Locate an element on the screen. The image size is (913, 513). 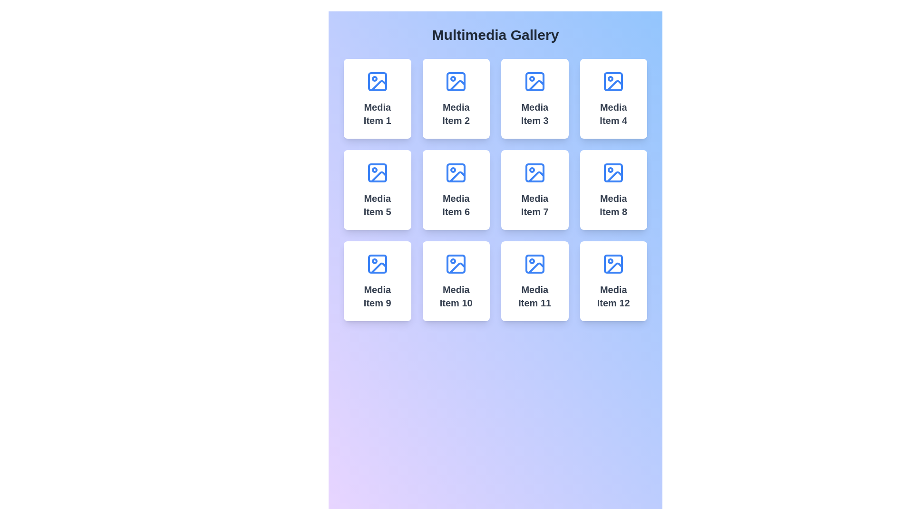
the text label that displays 'Media Item 1', which is styled in bold dark gray and is centrally aligned within the first tile of the grid layout is located at coordinates (377, 113).